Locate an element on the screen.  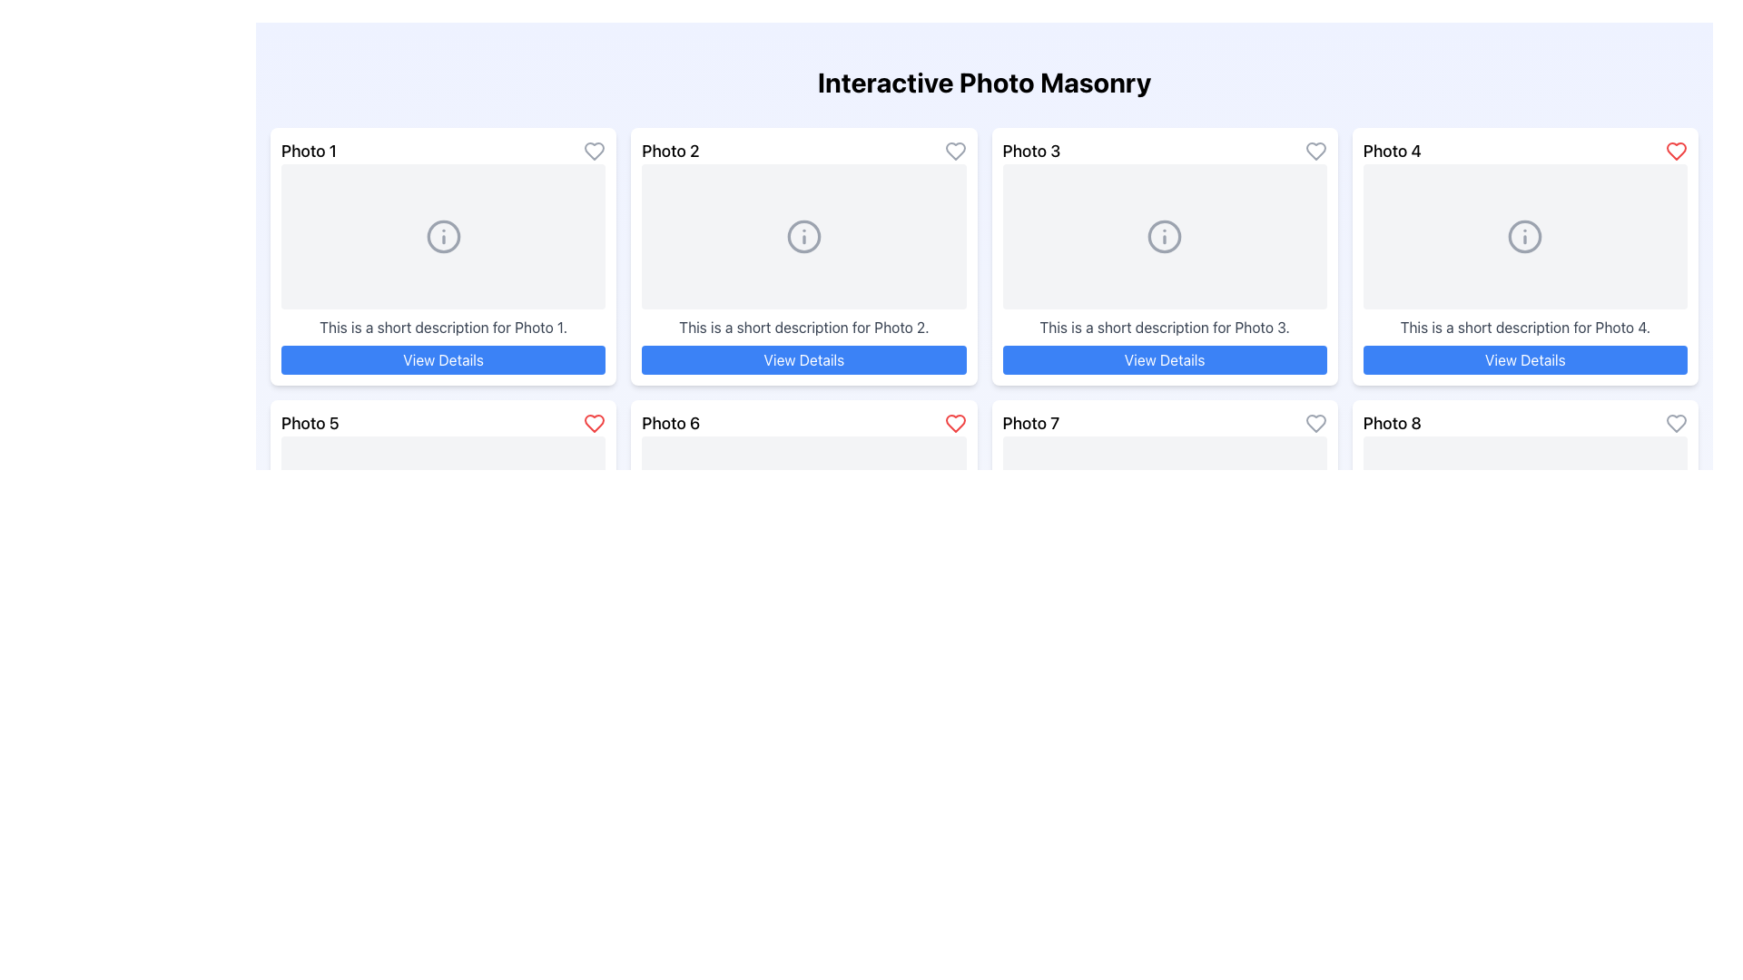
the 'like' icon button located in the top-right corner of the card labeled 'Photo 2' is located at coordinates (954, 150).